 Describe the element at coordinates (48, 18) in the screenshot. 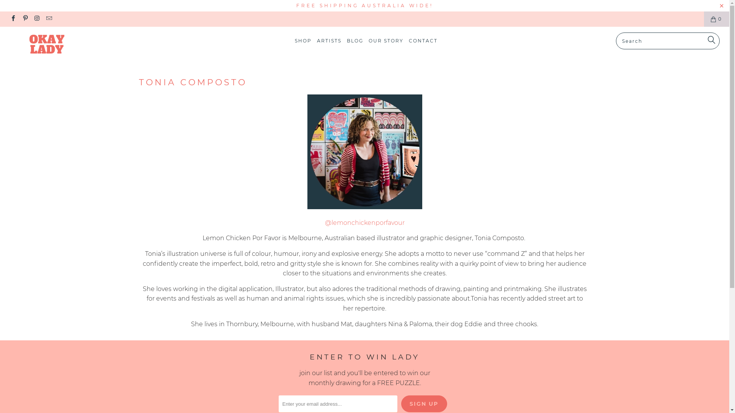

I see `'Email Okay Lady'` at that location.